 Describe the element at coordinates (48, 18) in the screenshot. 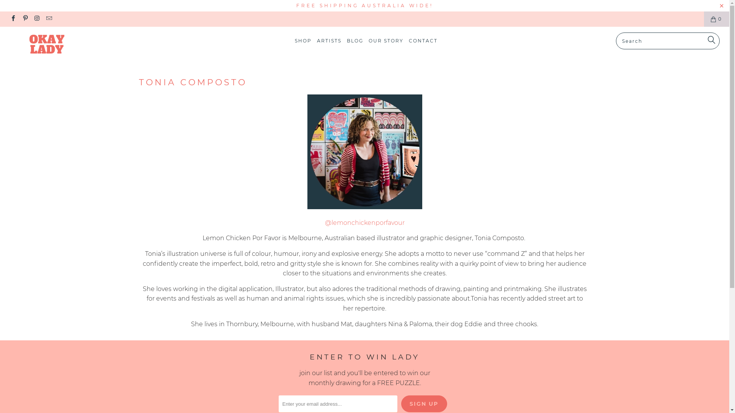

I see `'Email Okay Lady'` at that location.